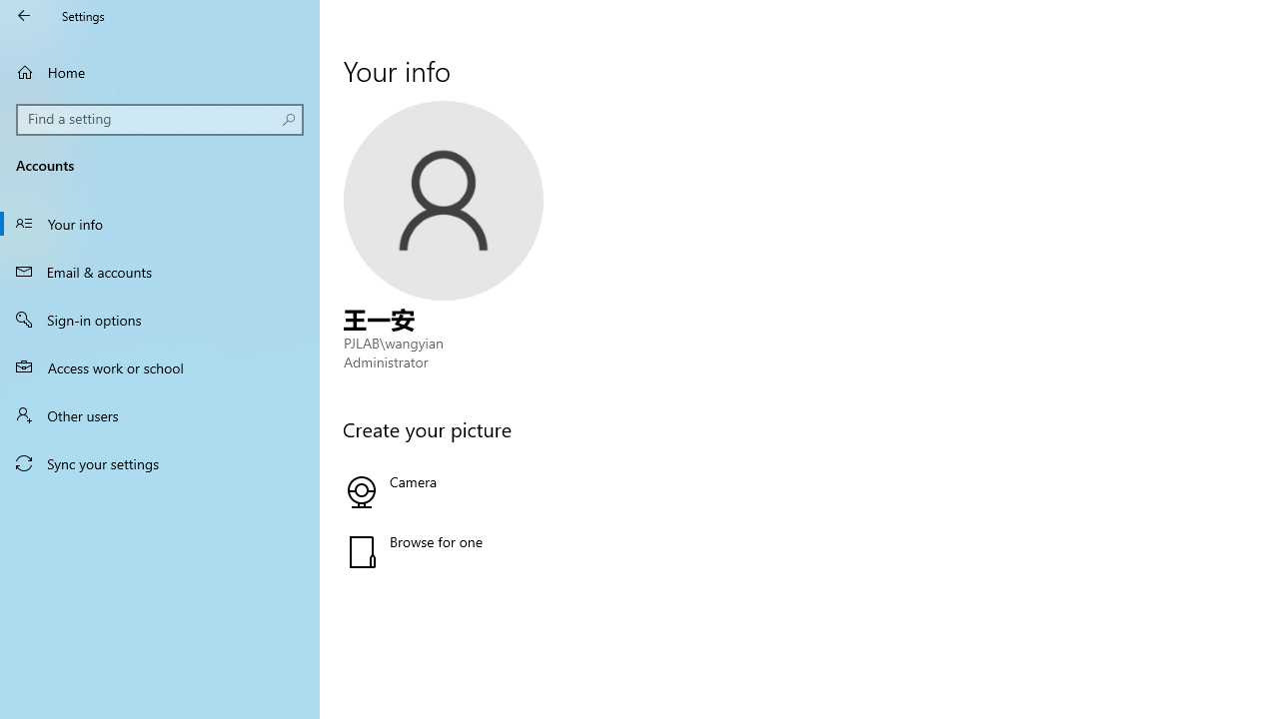 The image size is (1279, 719). What do you see at coordinates (160, 319) in the screenshot?
I see `'Sign-in options'` at bounding box center [160, 319].